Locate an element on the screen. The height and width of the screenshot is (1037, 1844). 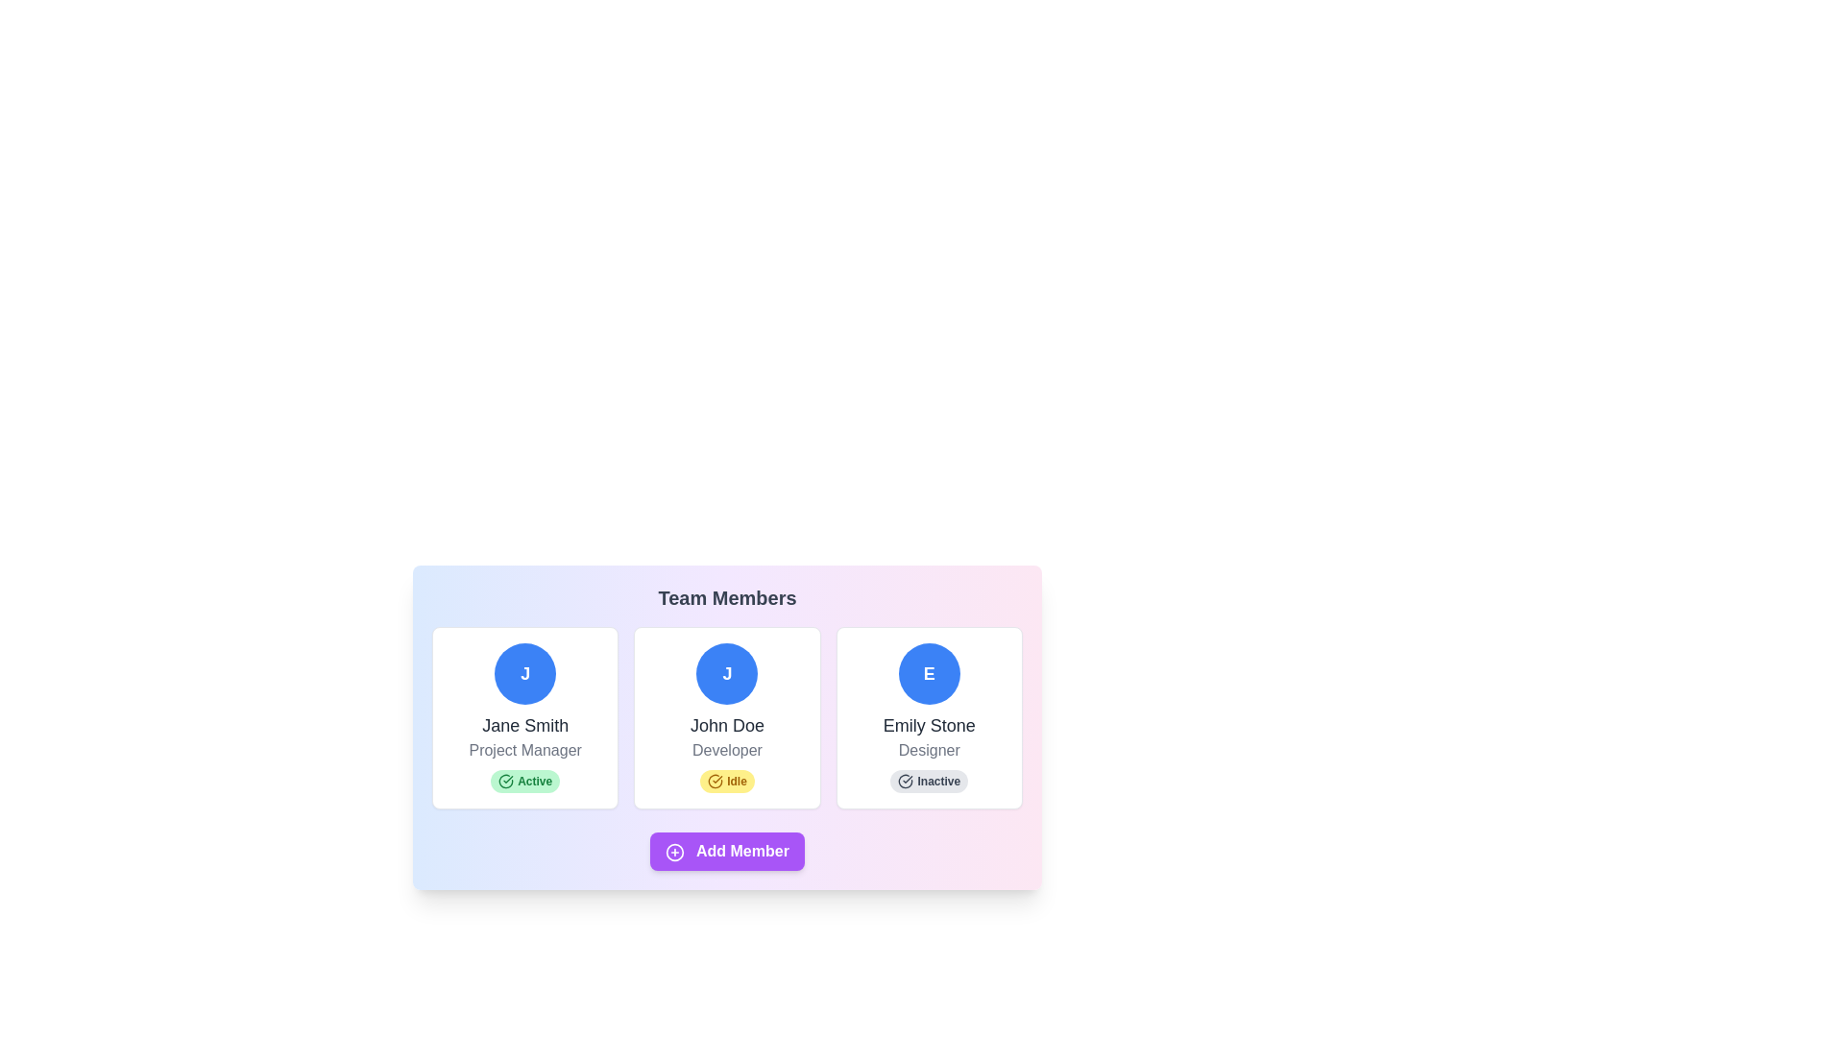
the text label displaying the name 'Emily Stone', which is positioned below the circular profile icon with the letter 'E' in the lower-middle section of the layout is located at coordinates (929, 726).